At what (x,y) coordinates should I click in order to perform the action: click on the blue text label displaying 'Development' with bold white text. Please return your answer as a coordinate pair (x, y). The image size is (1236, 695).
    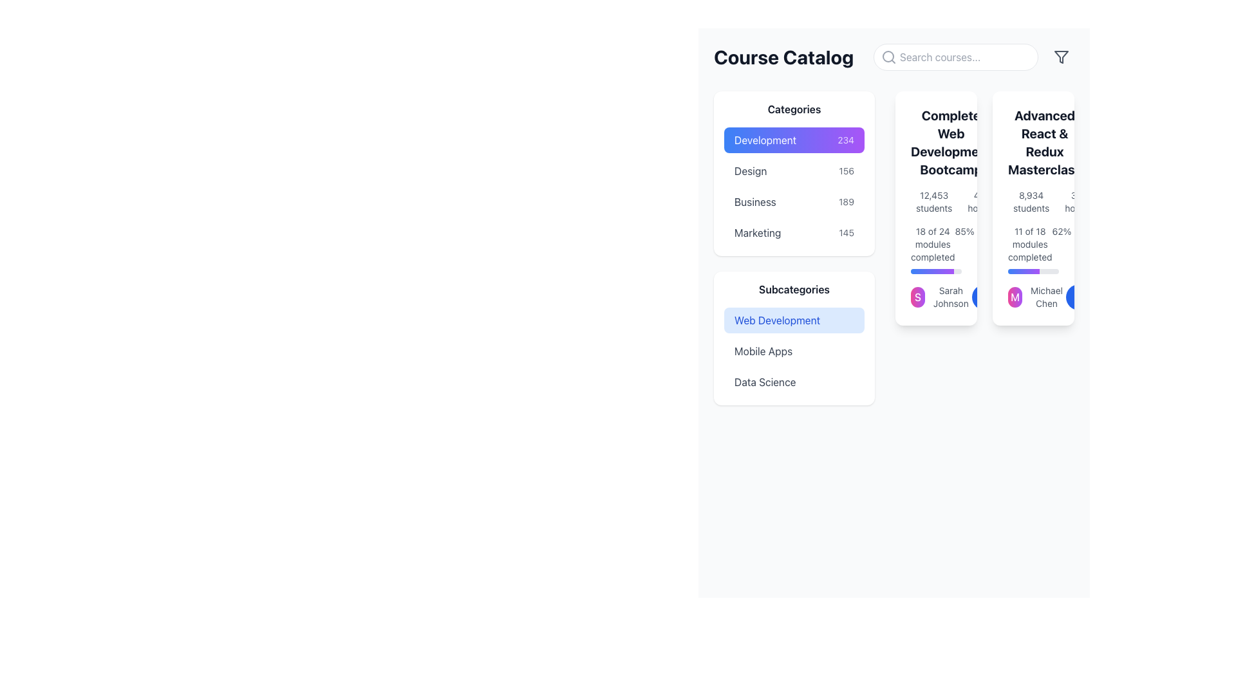
    Looking at the image, I should click on (765, 140).